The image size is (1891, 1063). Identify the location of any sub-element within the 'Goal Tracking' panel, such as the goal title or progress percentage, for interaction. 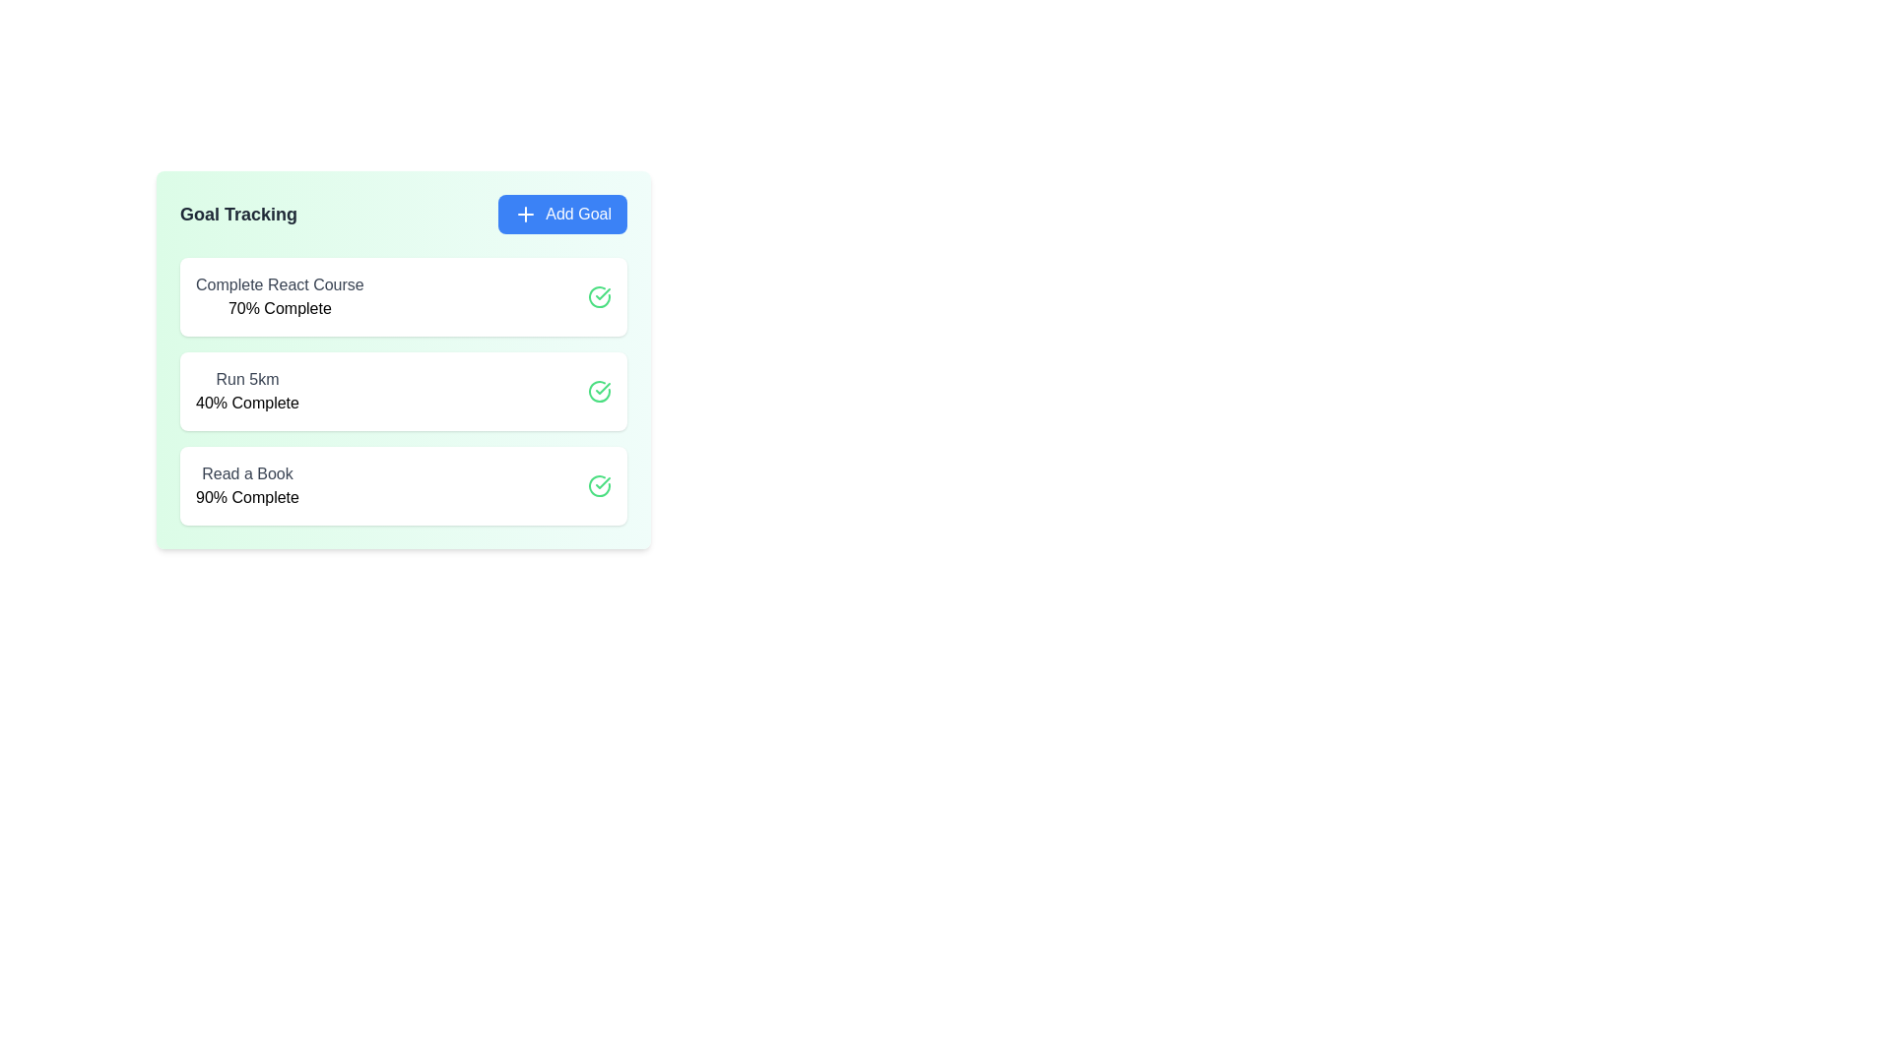
(402, 360).